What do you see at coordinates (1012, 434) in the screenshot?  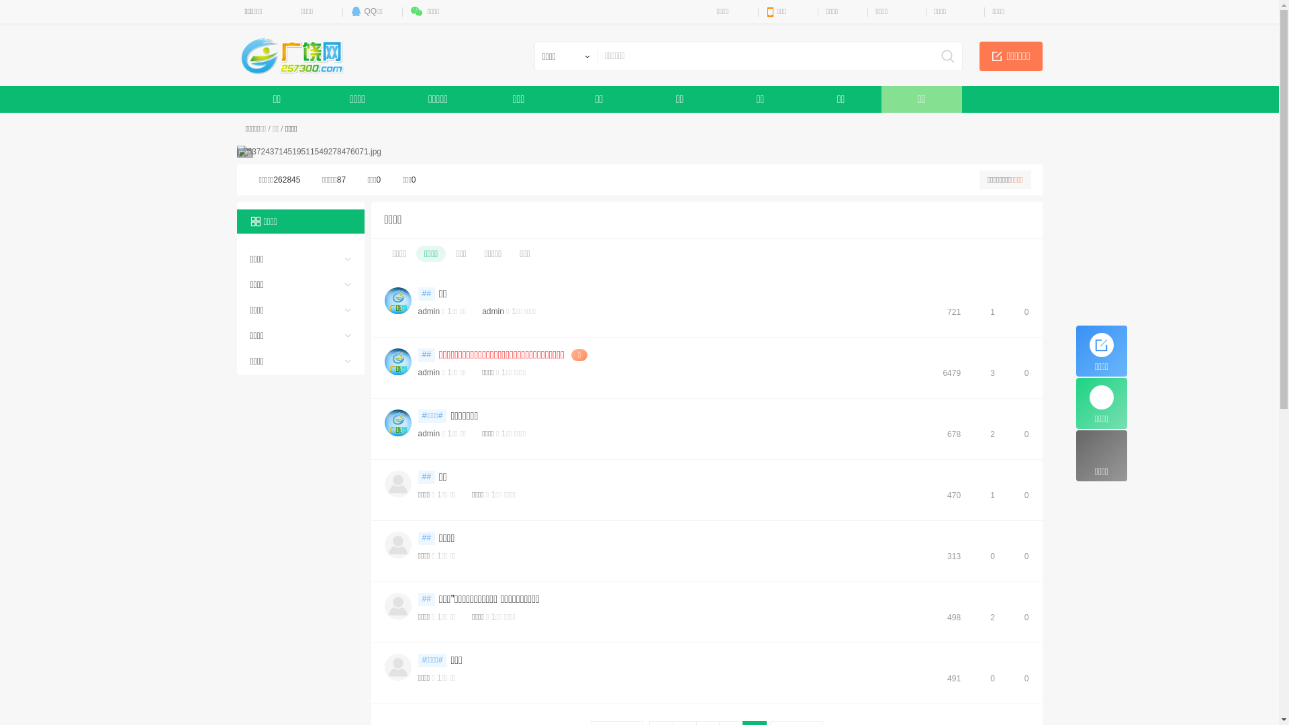 I see `'0'` at bounding box center [1012, 434].